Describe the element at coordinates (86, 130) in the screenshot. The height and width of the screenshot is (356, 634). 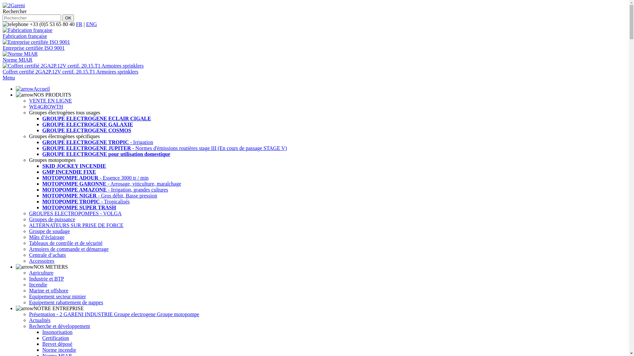
I see `'GROUPE ELECTROGENE COSMOS'` at that location.